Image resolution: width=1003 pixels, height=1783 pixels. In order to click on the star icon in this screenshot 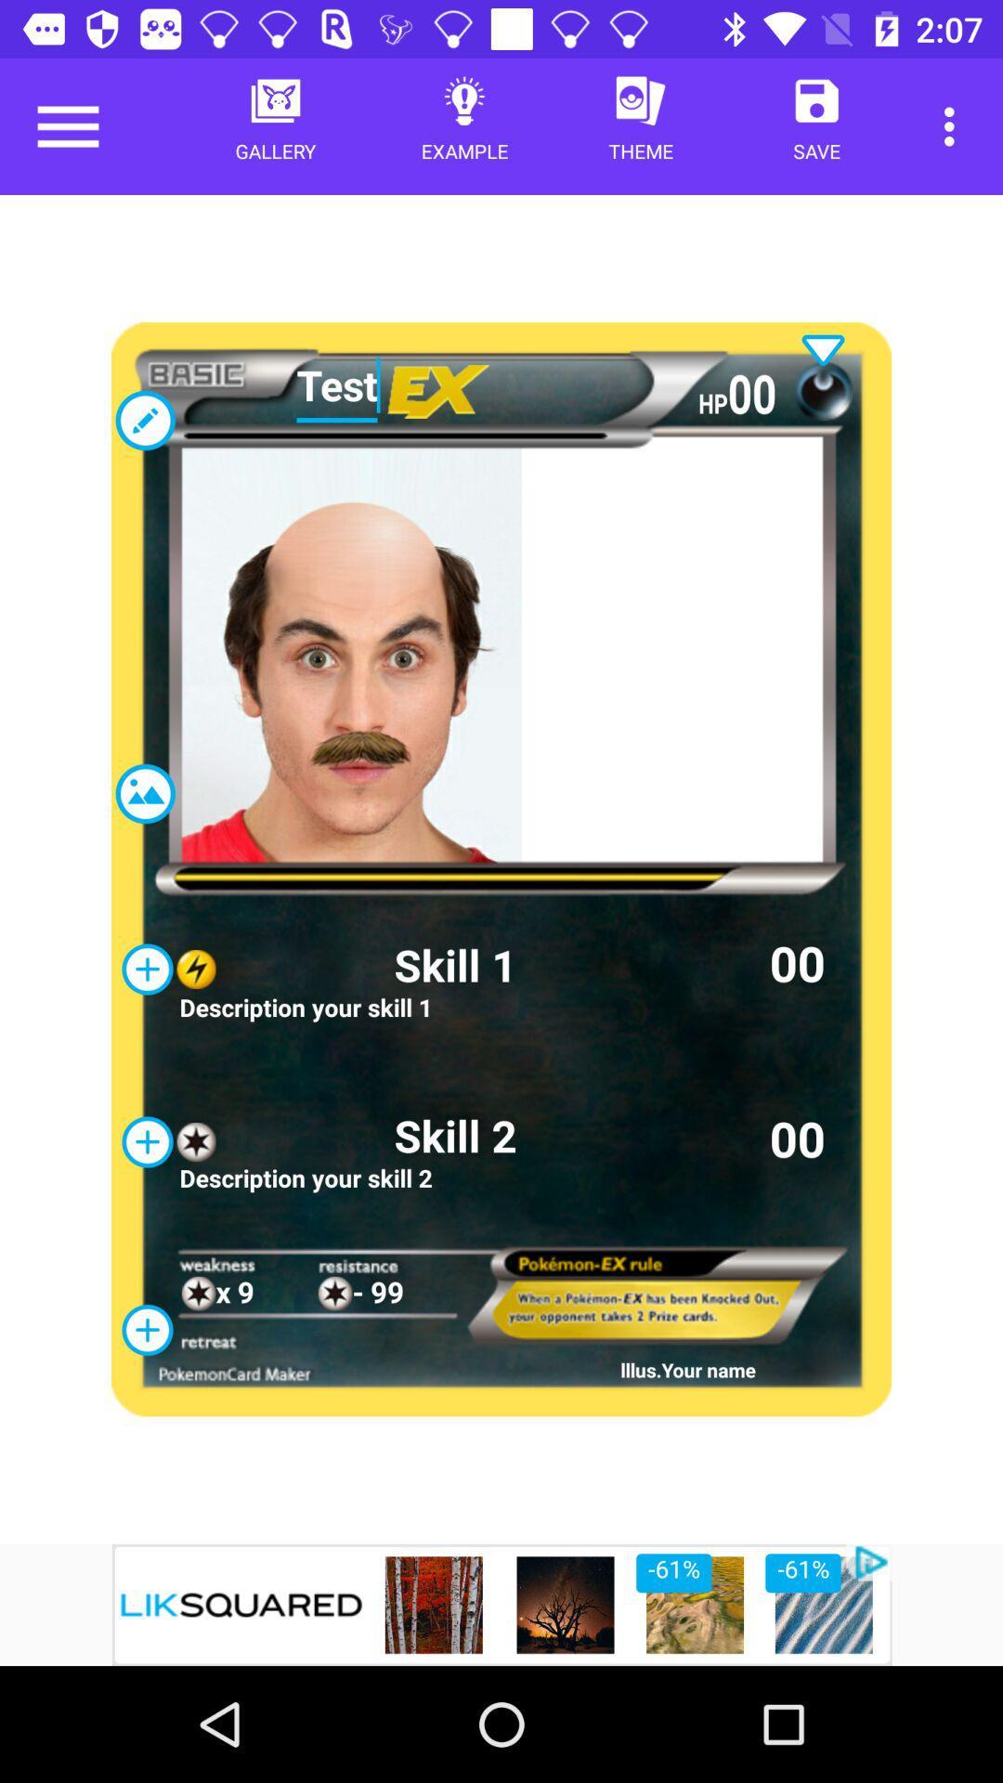, I will do `click(335, 1293)`.